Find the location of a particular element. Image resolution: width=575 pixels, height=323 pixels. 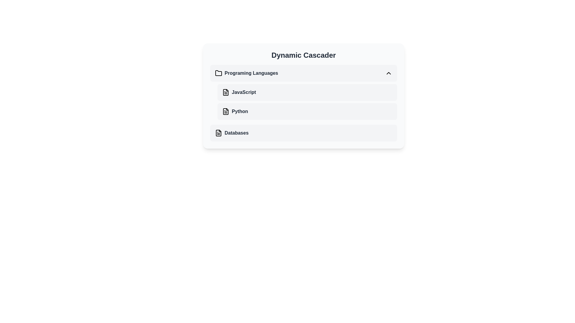

the second list item for the programming language Python in the 'Dynamic Cascader' menu is located at coordinates (235, 112).